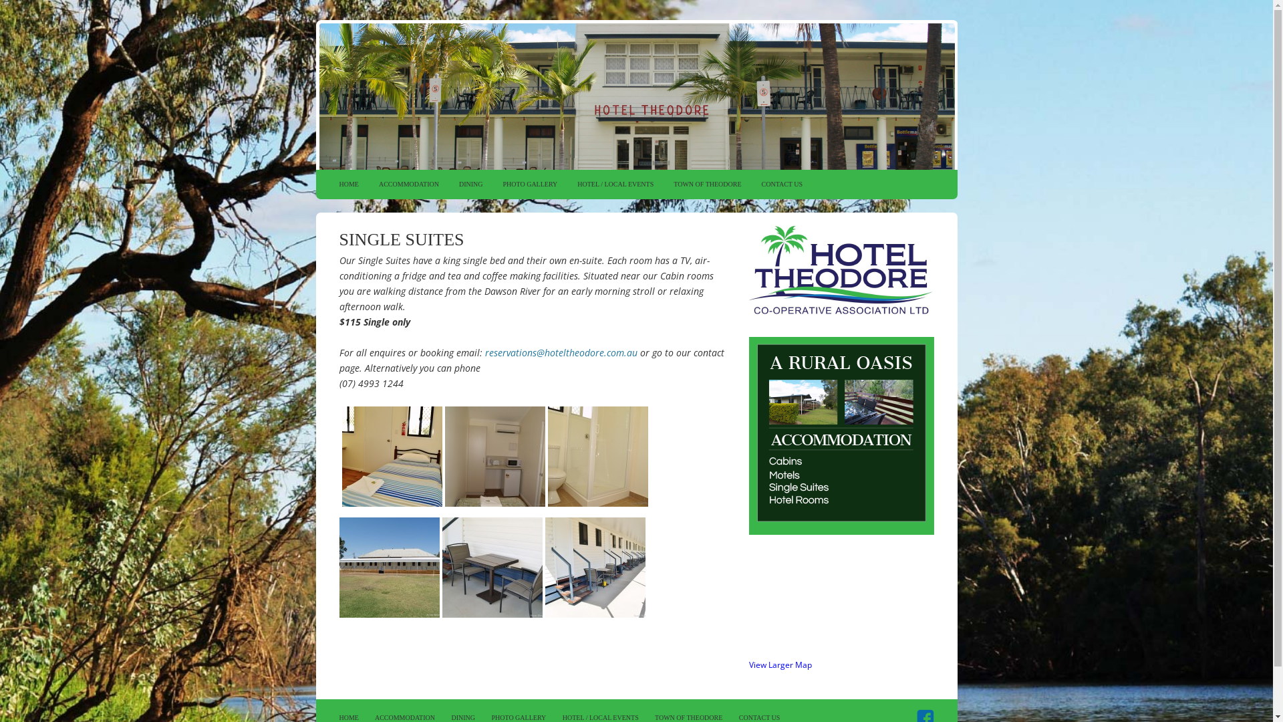 The height and width of the screenshot is (722, 1283). What do you see at coordinates (462, 717) in the screenshot?
I see `'DINING'` at bounding box center [462, 717].